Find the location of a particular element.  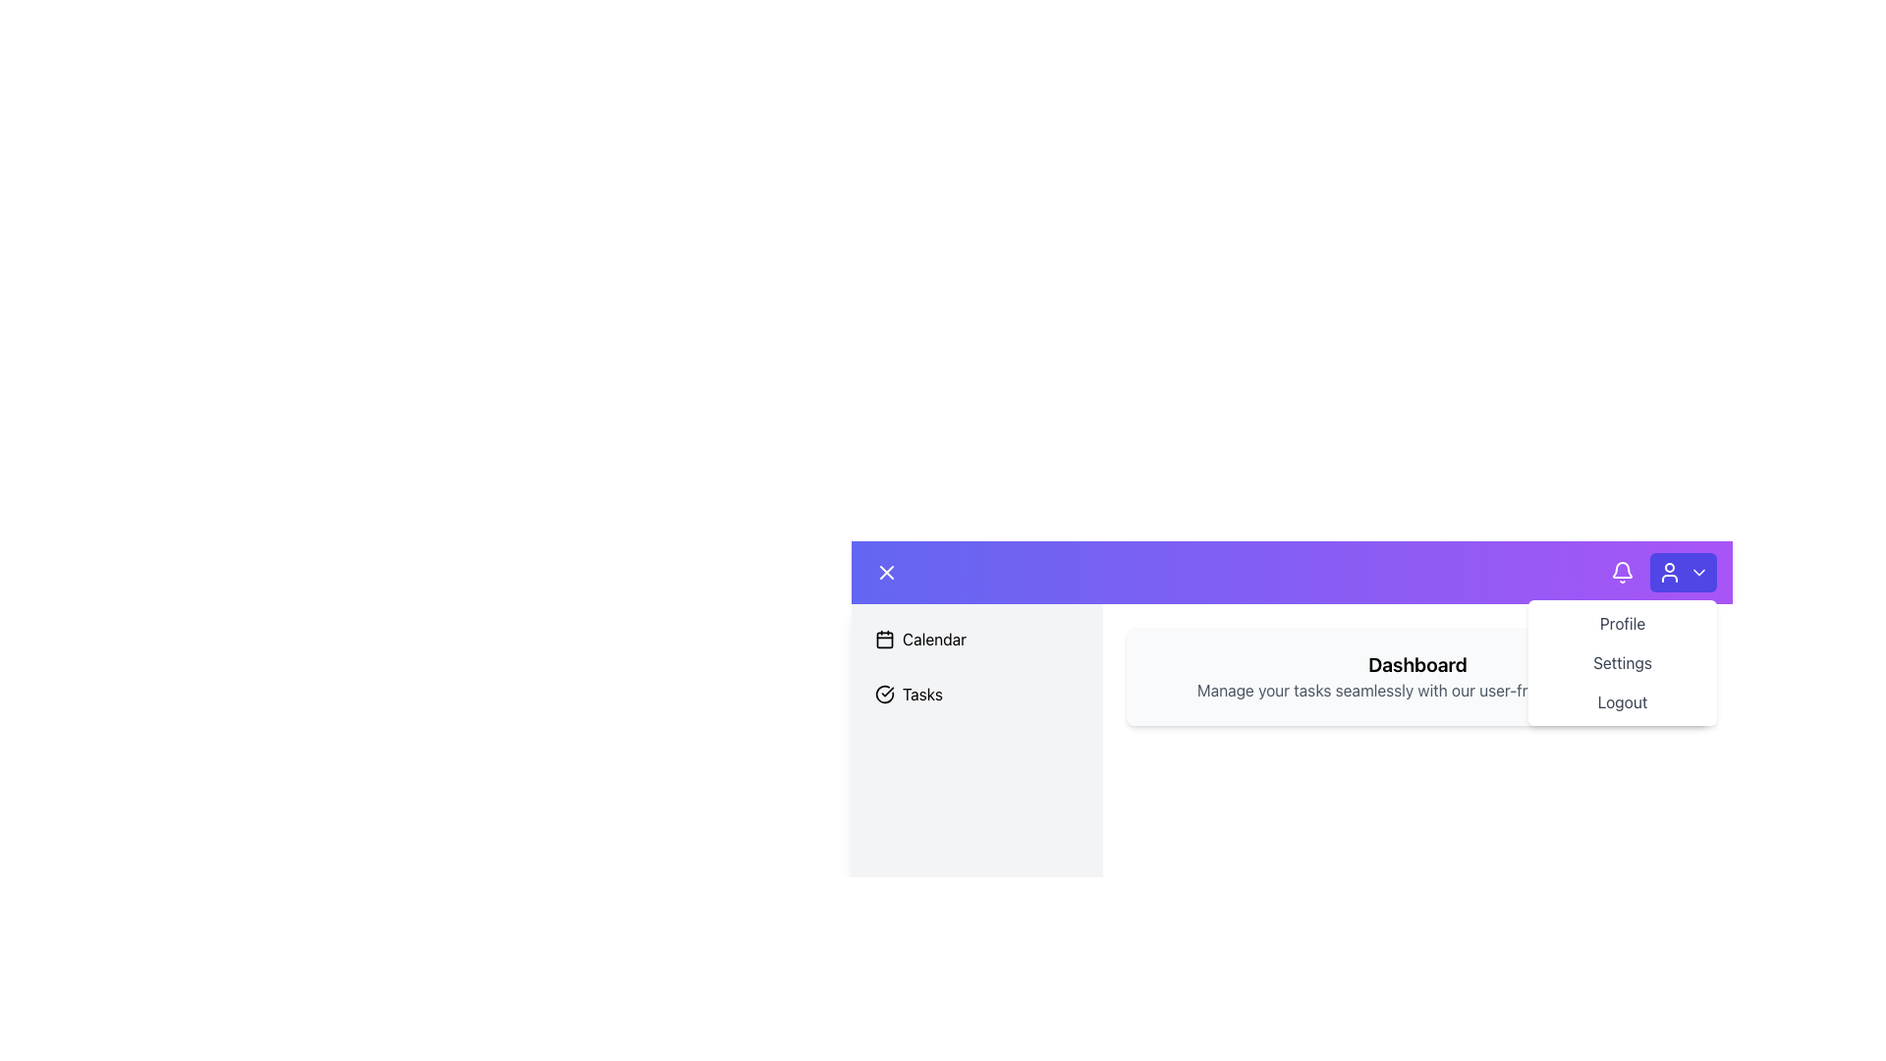

the icon-based button styled as a cross ('X') with a purple background located at the top-left corner of the purple header bar is located at coordinates (885, 572).